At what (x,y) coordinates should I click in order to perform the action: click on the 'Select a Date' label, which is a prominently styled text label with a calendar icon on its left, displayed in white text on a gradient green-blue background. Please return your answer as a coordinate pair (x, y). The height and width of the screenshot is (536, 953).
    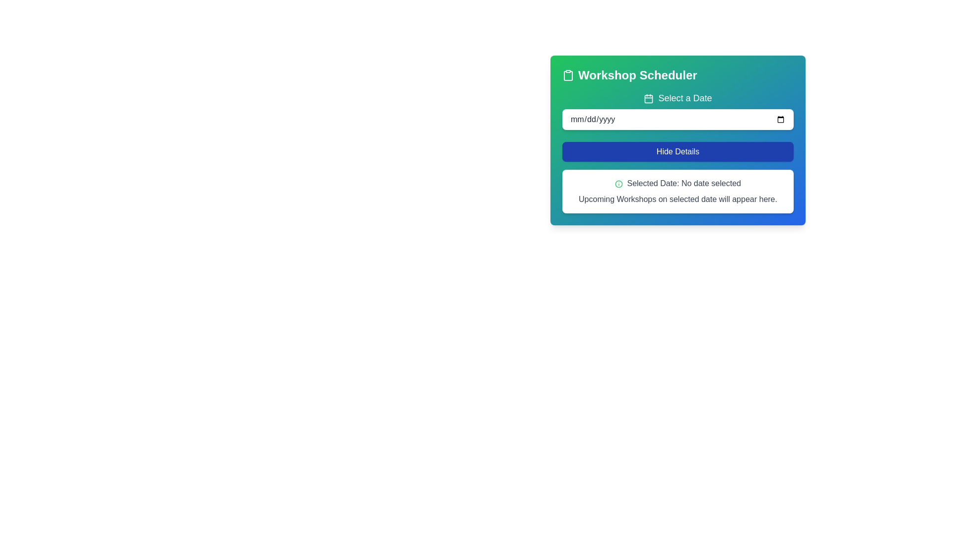
    Looking at the image, I should click on (678, 98).